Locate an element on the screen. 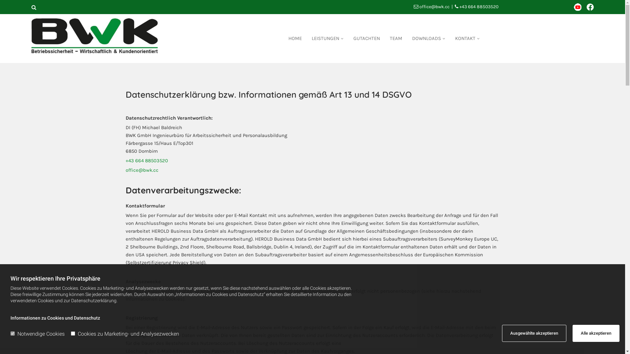 This screenshot has height=354, width=630. 'Logo' is located at coordinates (97, 39).